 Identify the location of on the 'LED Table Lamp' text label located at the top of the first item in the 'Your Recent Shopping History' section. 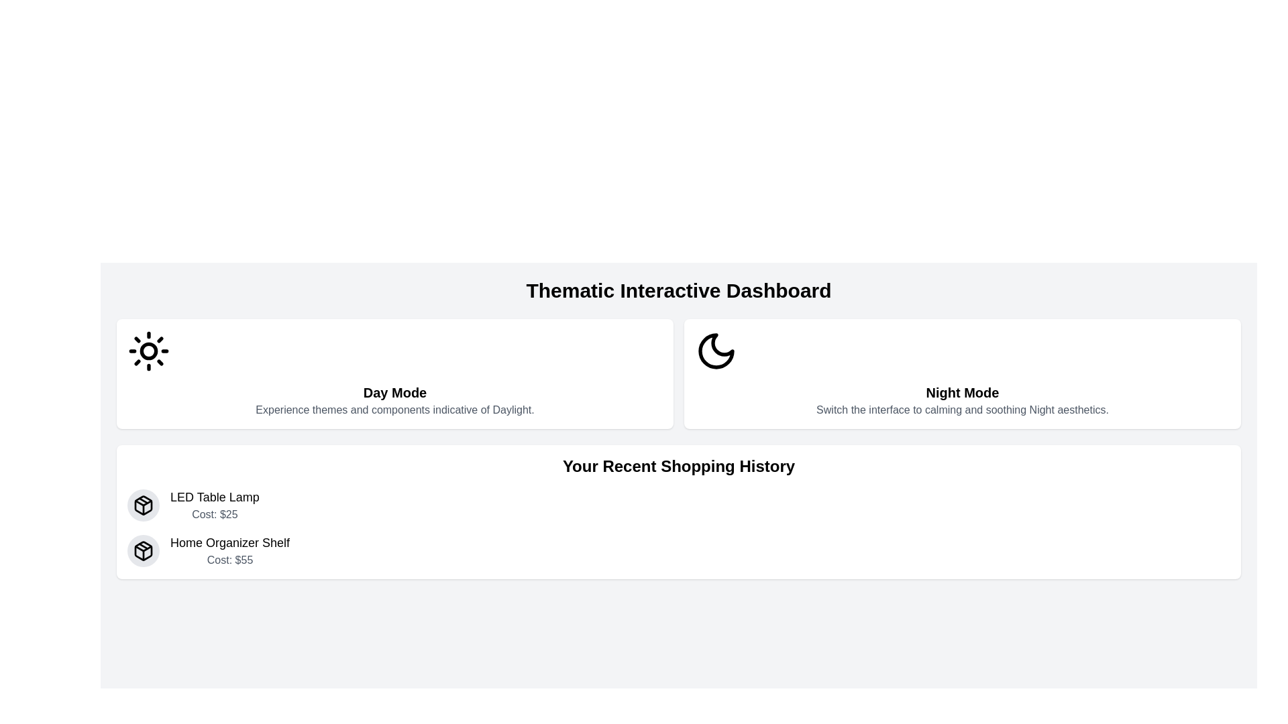
(215, 497).